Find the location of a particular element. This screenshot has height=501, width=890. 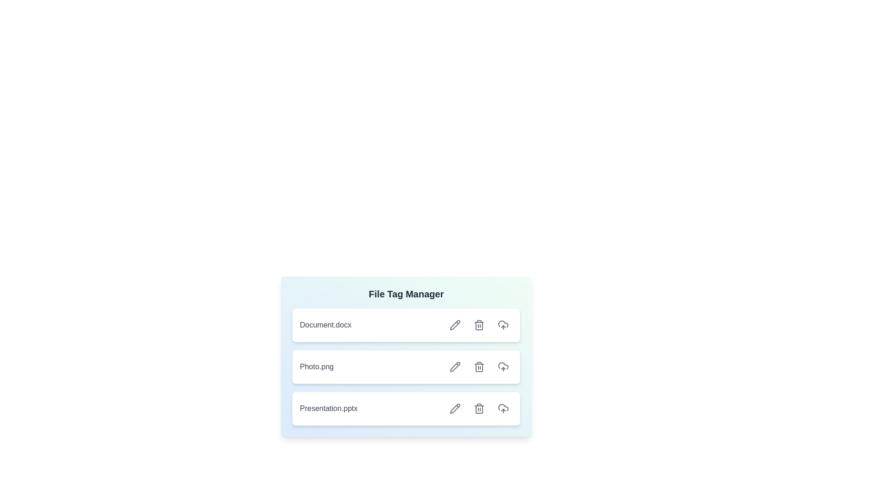

upload button for the file Photo.png is located at coordinates (502, 366).